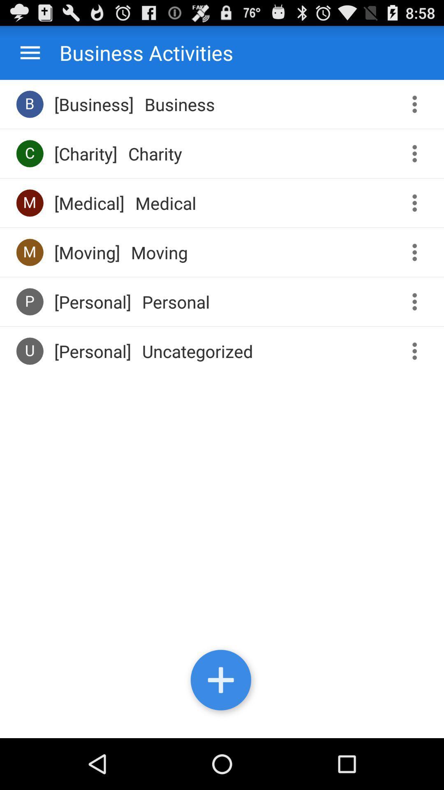  Describe the element at coordinates (417, 104) in the screenshot. I see `open business options` at that location.